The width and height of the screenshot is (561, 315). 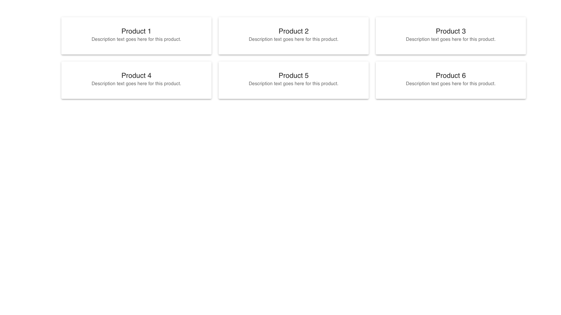 I want to click on the product information card located at the top-left corner of the grid layout, so click(x=136, y=36).